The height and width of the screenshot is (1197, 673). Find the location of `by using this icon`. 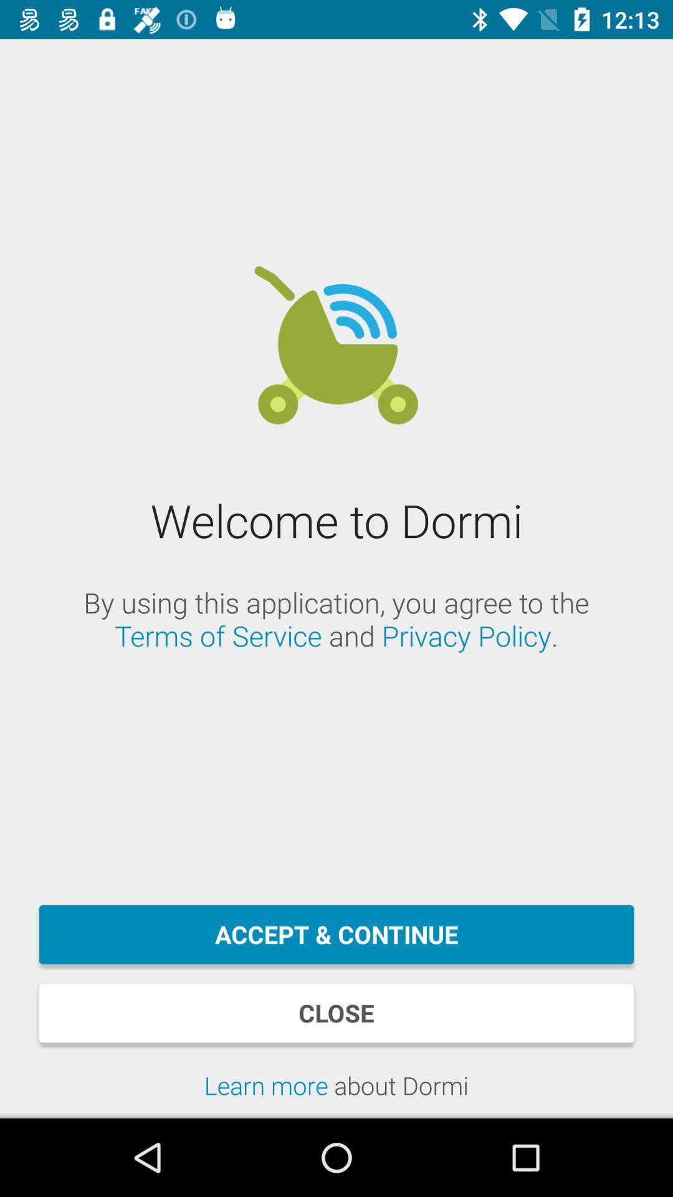

by using this icon is located at coordinates (336, 619).